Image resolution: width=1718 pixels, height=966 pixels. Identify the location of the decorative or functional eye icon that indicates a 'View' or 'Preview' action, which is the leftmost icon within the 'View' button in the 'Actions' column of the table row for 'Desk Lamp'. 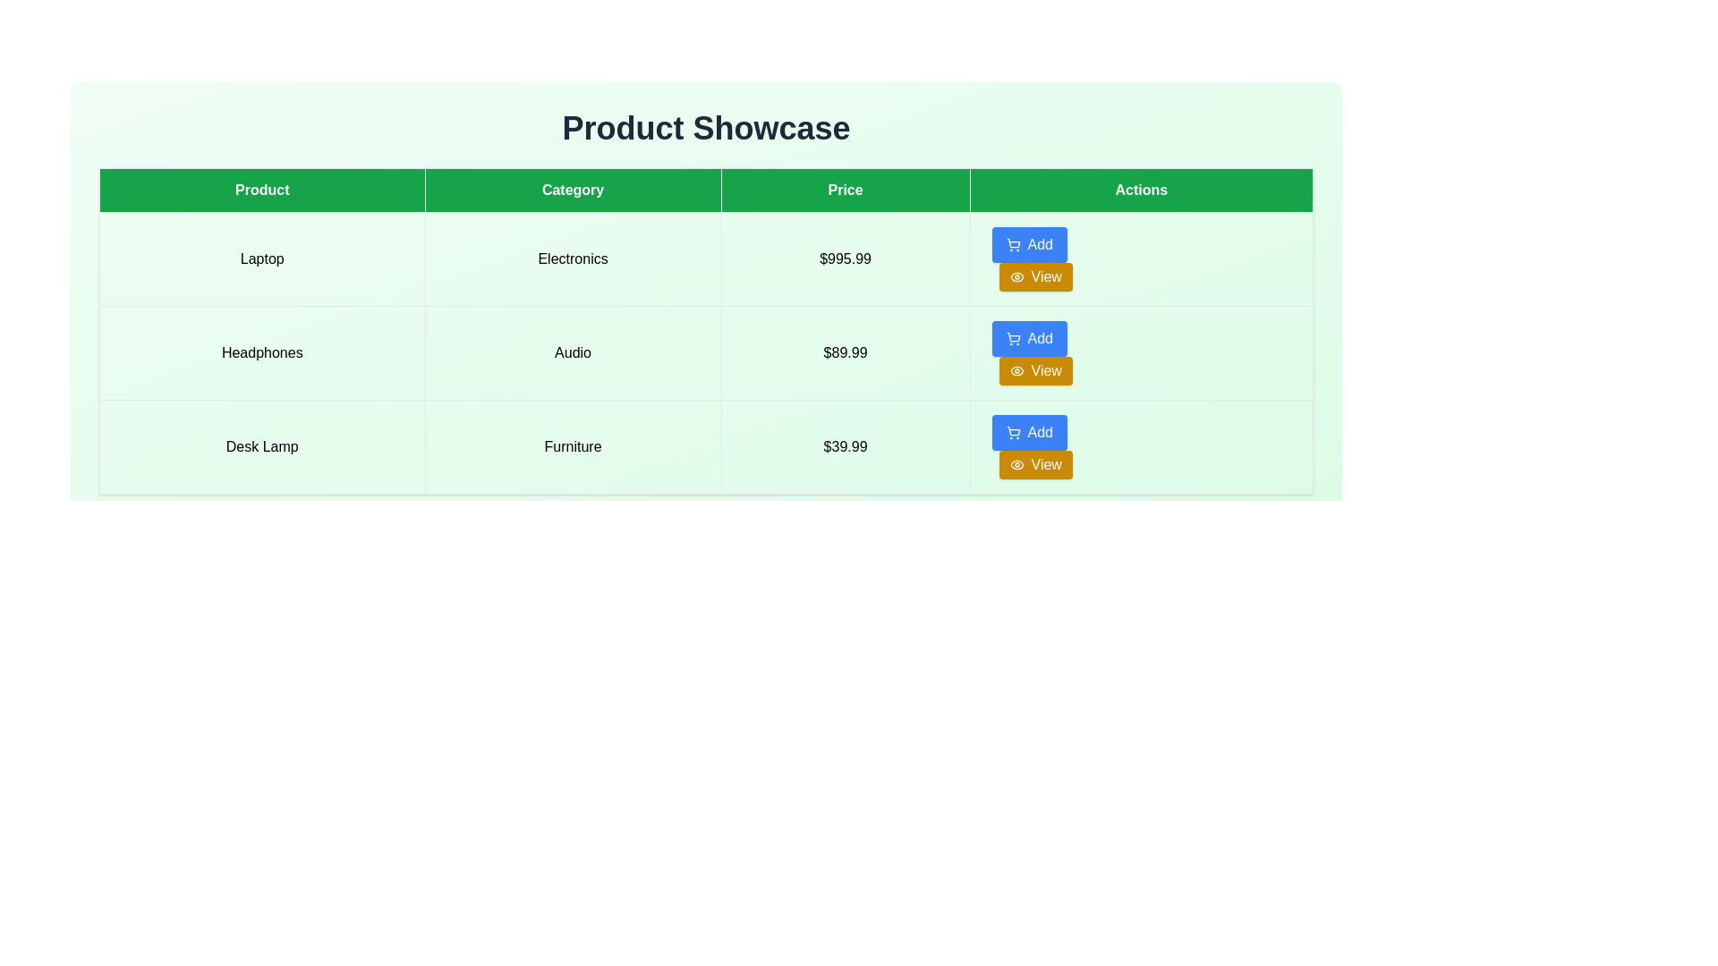
(1016, 464).